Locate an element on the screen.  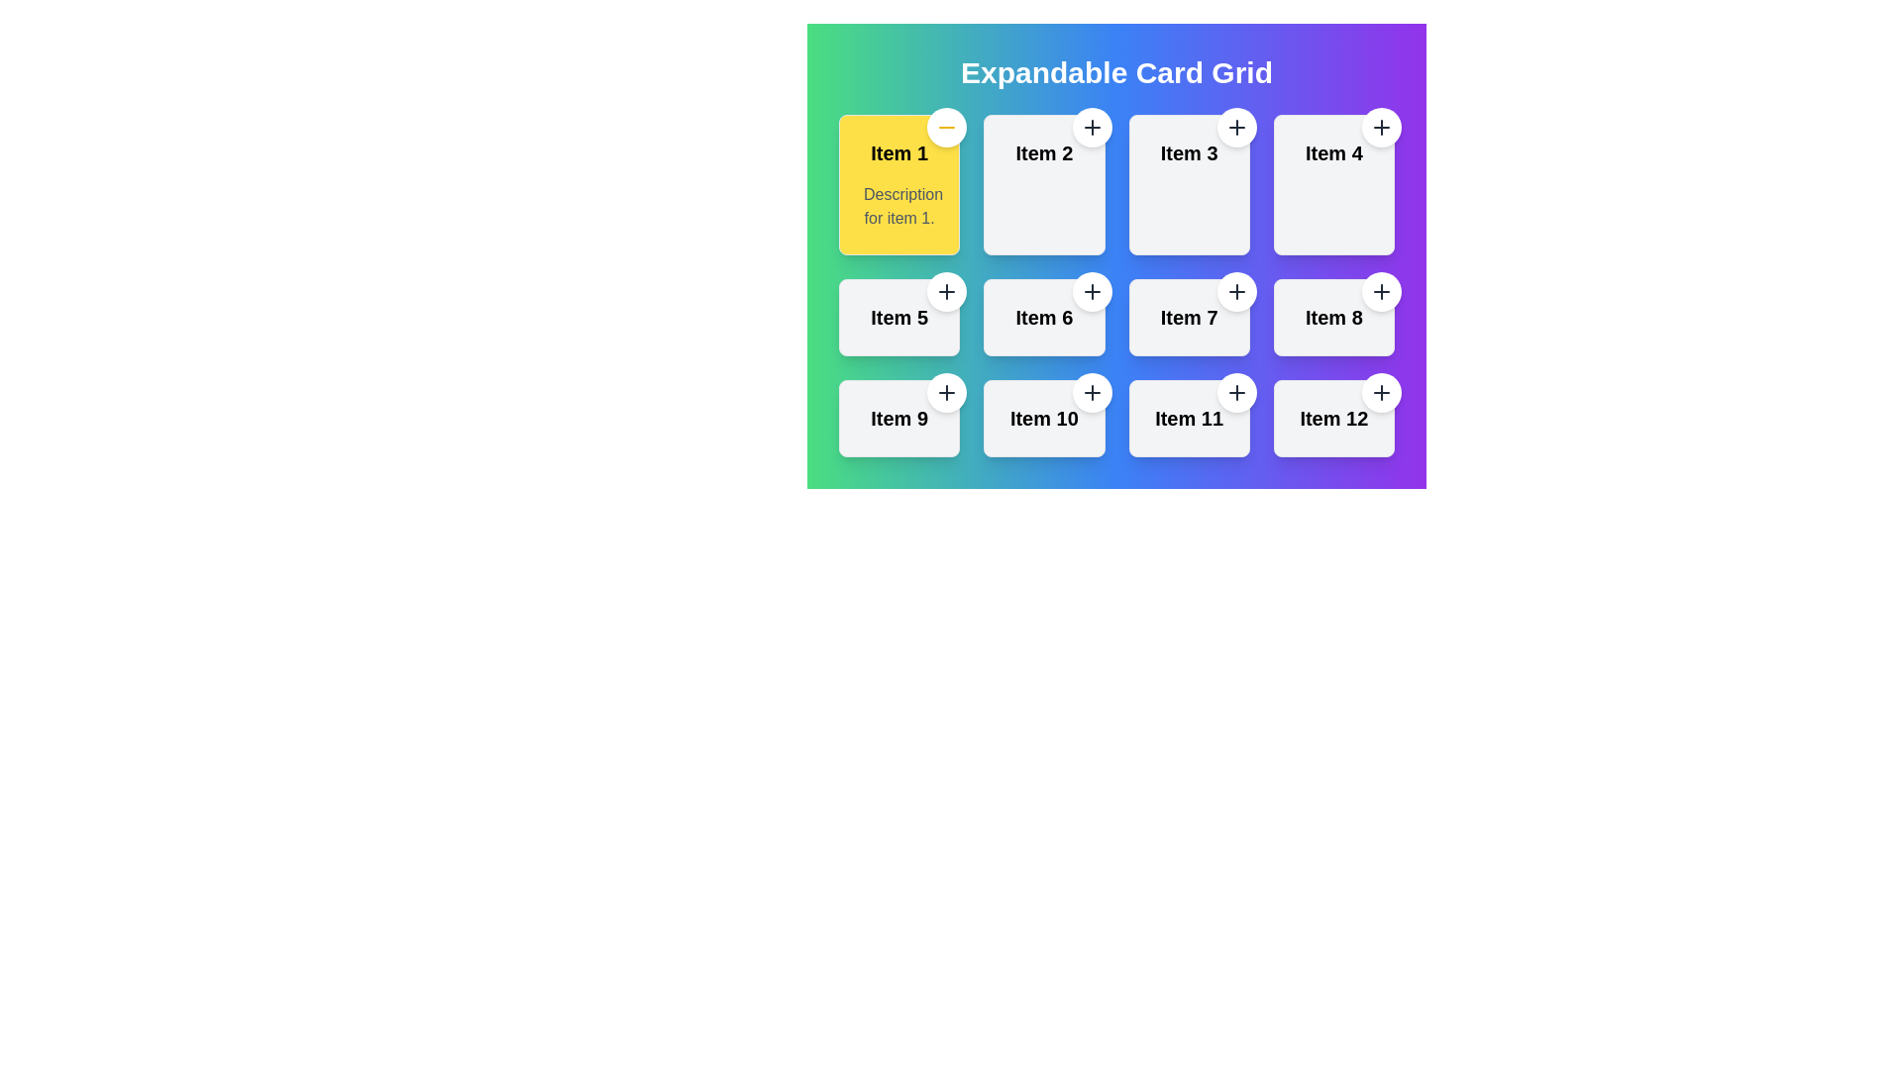
the circular button with a white background and dark gray plus icon located at the top-right corner of the 'Item 9' card is located at coordinates (946, 393).